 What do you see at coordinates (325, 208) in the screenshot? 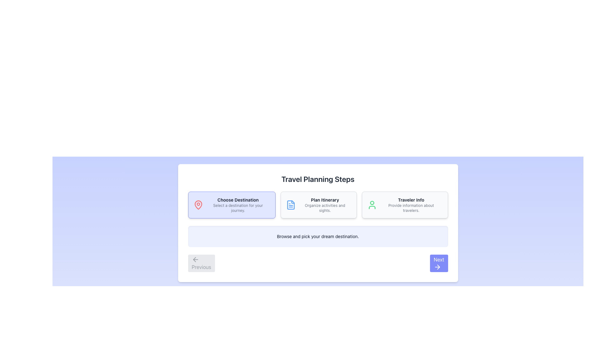
I see `descriptive text located centrally below the first text line in the 'Plan Itinerary' section` at bounding box center [325, 208].